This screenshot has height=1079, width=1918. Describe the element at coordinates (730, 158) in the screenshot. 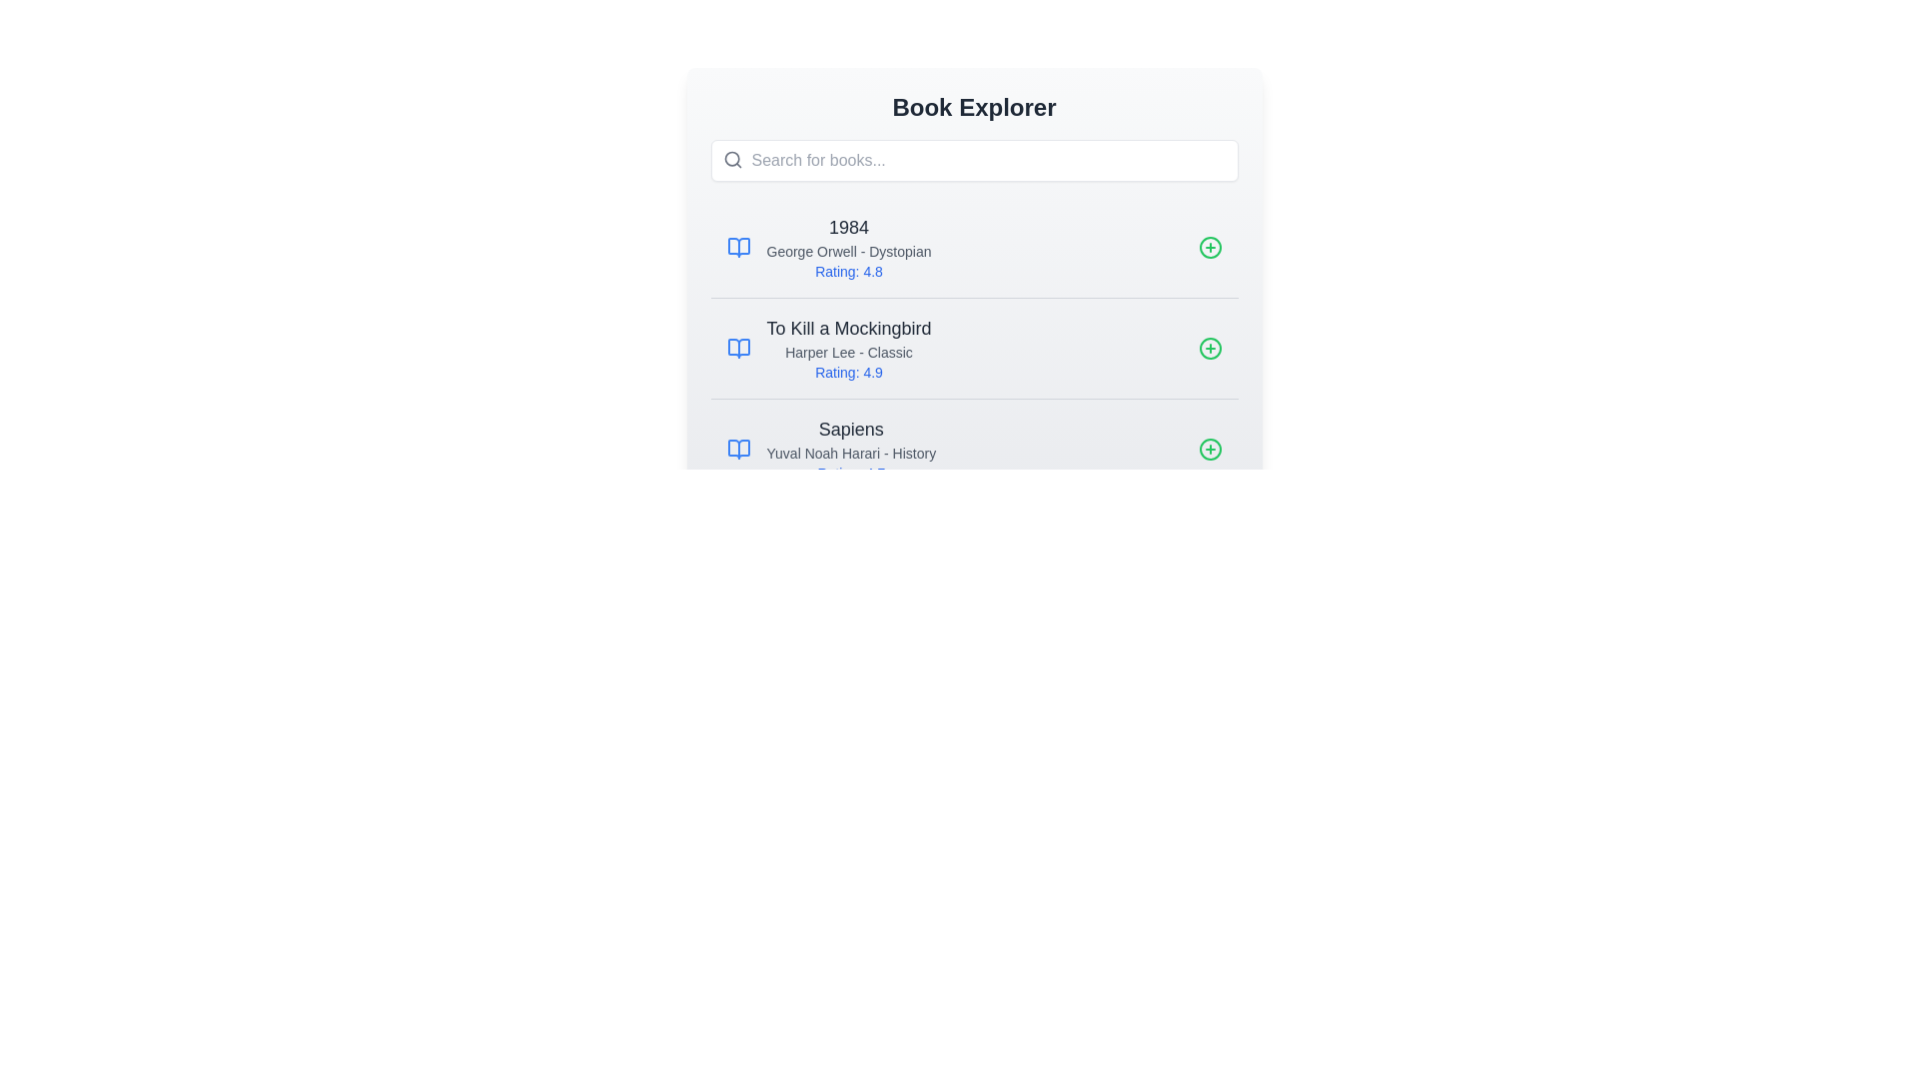

I see `the graphical element representing the lens of the magnifying glass in the search bar, located in the top-left corner of the main content area` at that location.